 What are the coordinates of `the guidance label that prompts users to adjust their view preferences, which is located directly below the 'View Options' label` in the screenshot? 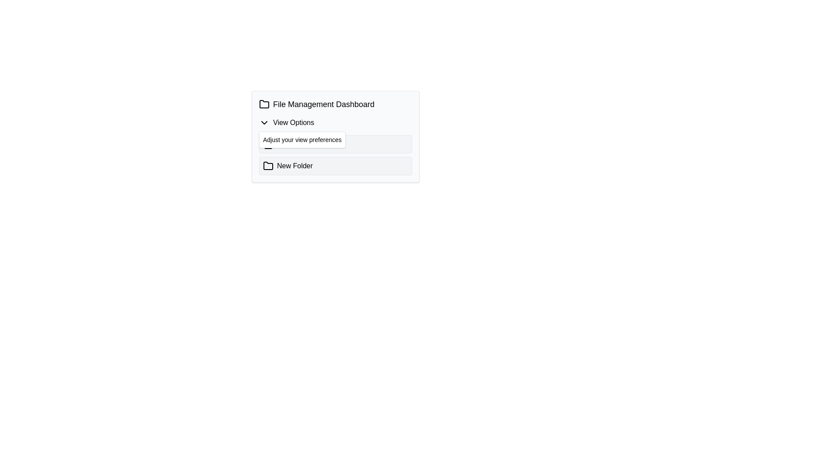 It's located at (302, 139).